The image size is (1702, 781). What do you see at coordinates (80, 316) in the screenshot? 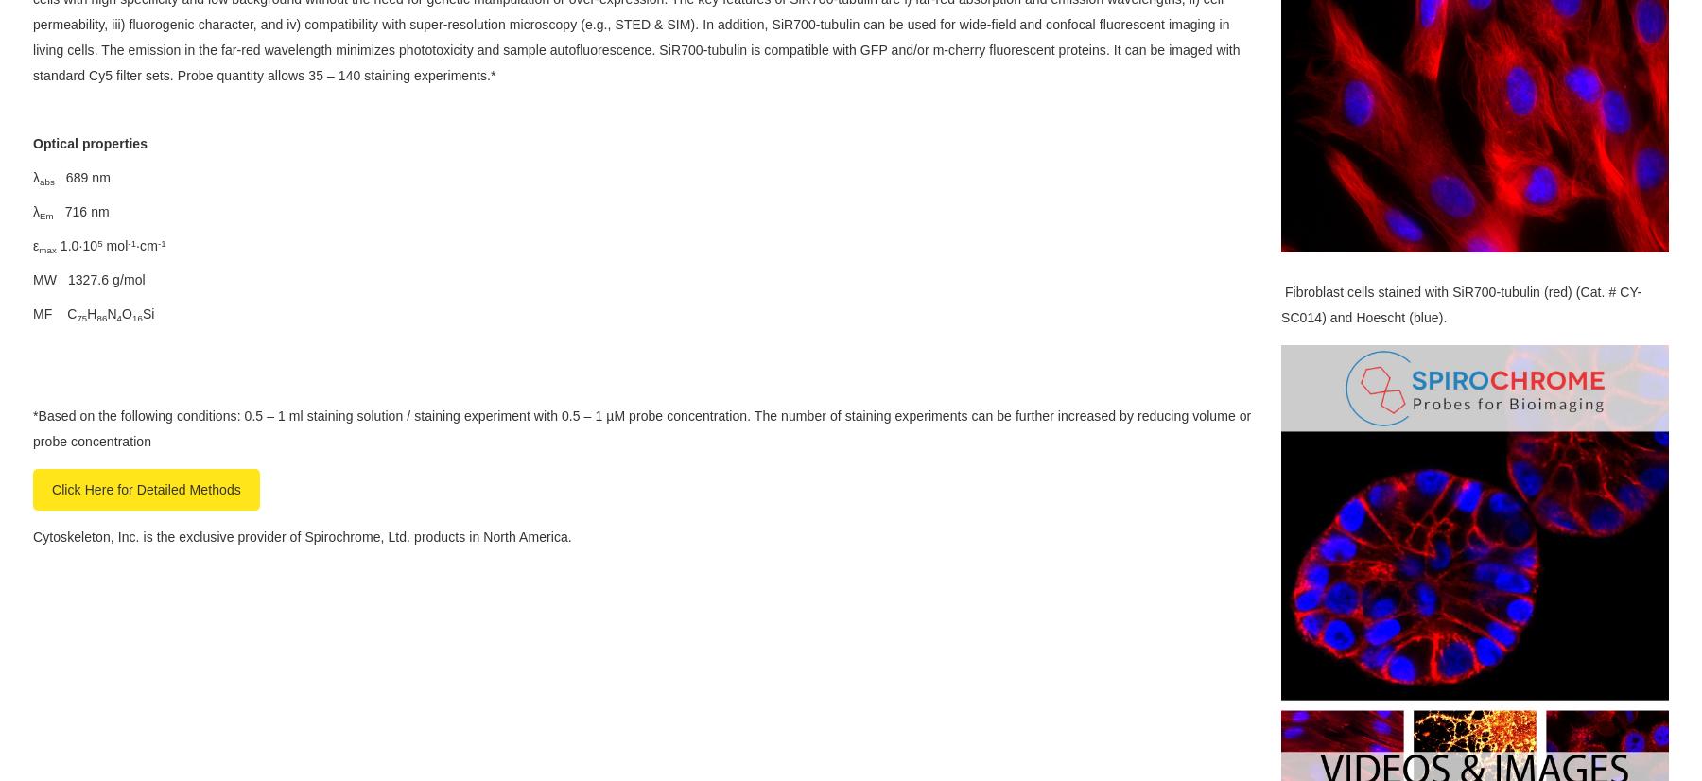
I see `'75'` at bounding box center [80, 316].